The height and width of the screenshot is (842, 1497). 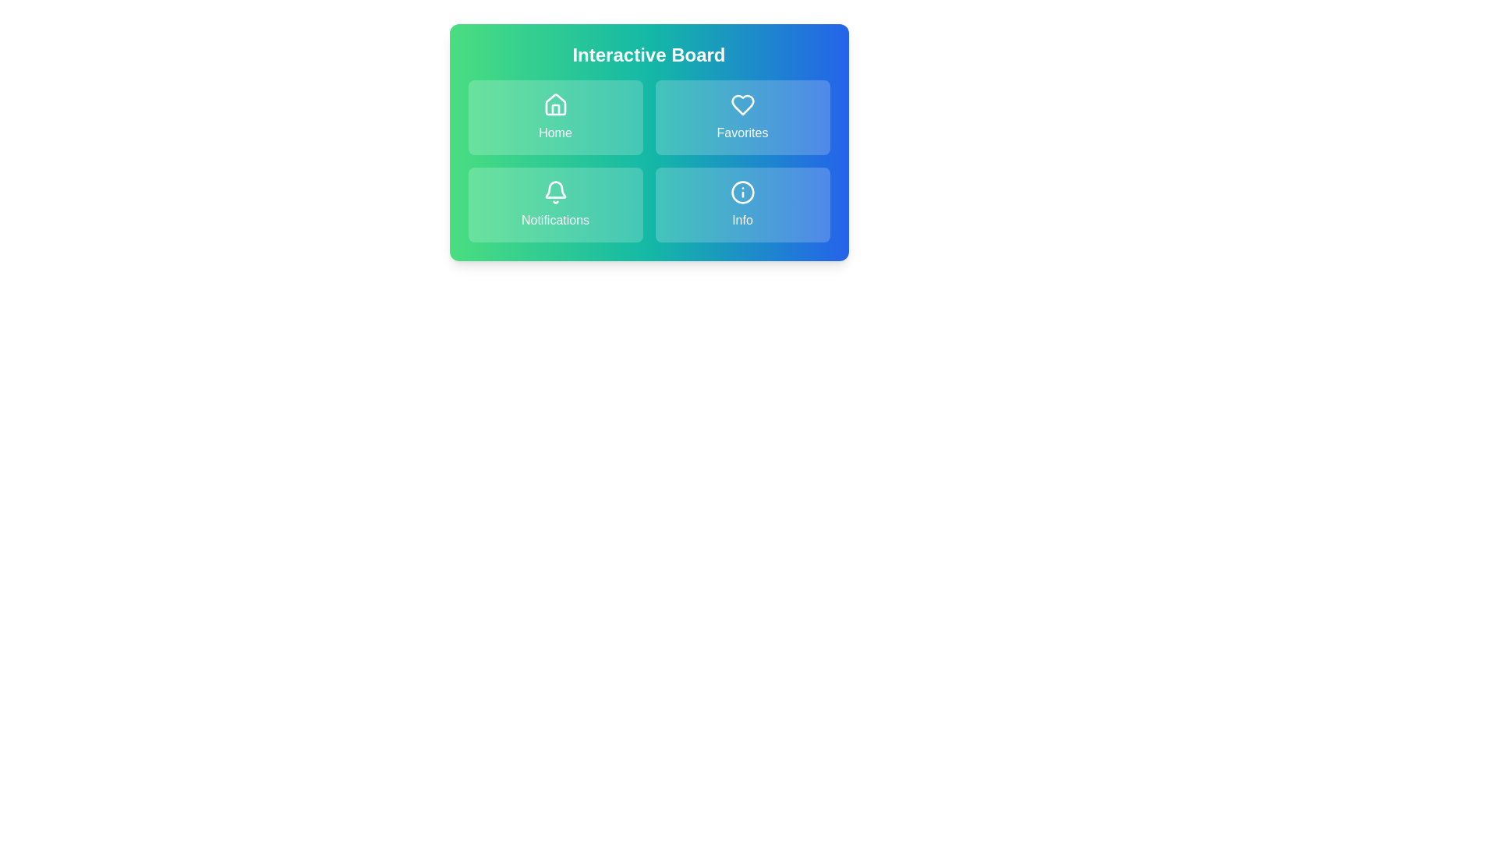 What do you see at coordinates (555, 175) in the screenshot?
I see `the Tooltip that provides supplementary information about the 'Notifications' icon, which is located above the icon in the 'Interactive Board'` at bounding box center [555, 175].